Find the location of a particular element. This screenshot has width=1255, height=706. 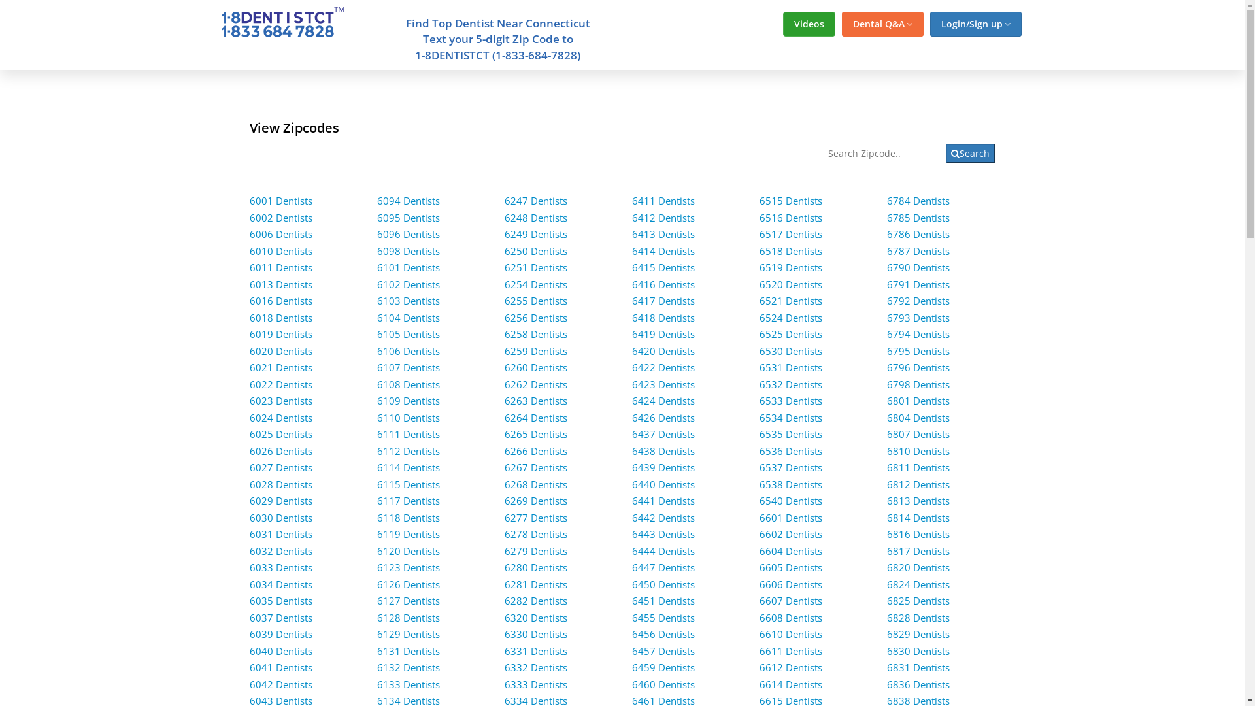

'6031 Dentists' is located at coordinates (280, 534).